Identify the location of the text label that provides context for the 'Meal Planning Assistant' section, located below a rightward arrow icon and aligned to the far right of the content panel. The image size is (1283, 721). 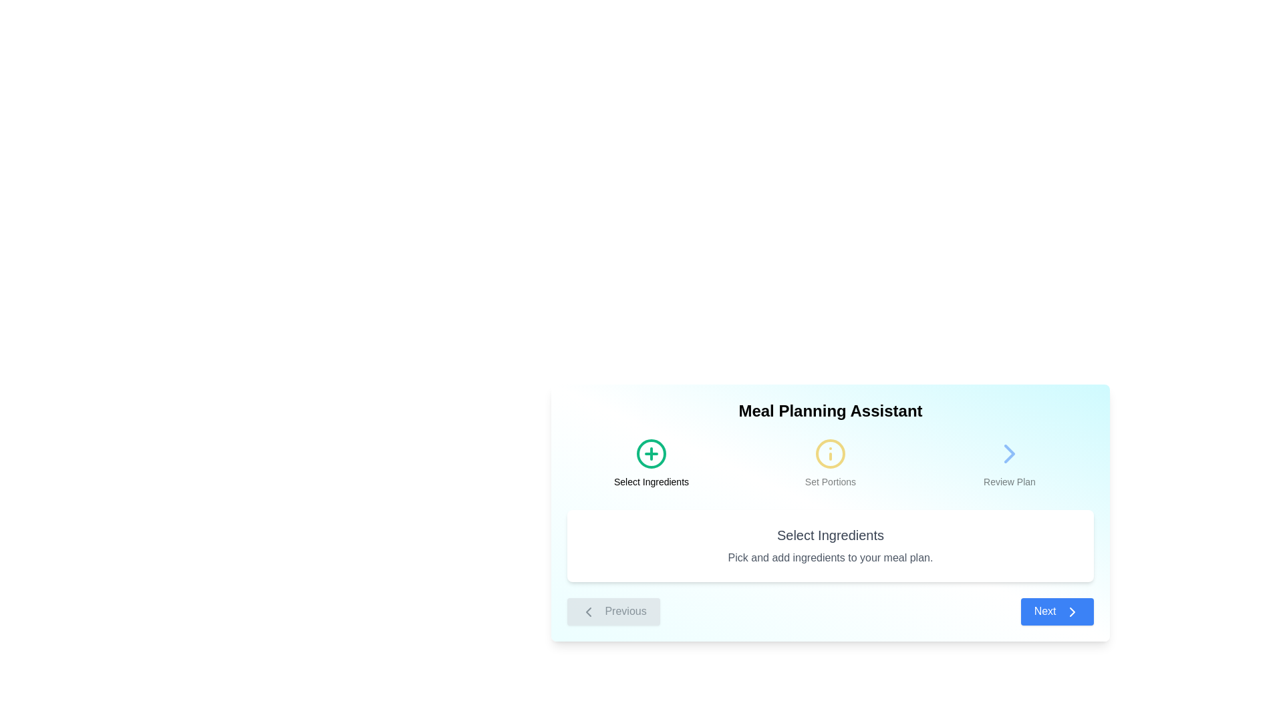
(1010, 481).